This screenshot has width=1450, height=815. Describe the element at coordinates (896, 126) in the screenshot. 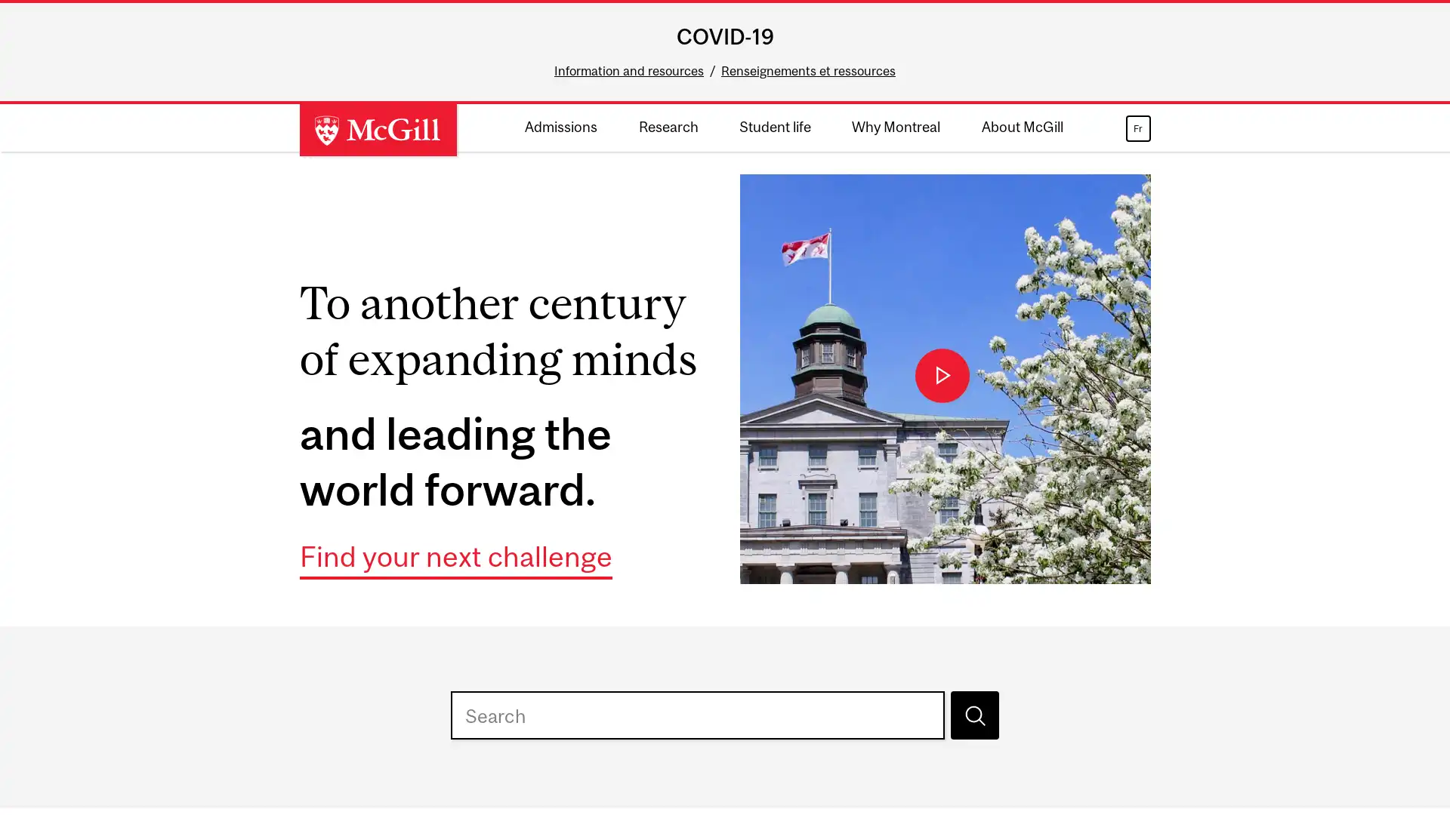

I see `Why Montreal` at that location.